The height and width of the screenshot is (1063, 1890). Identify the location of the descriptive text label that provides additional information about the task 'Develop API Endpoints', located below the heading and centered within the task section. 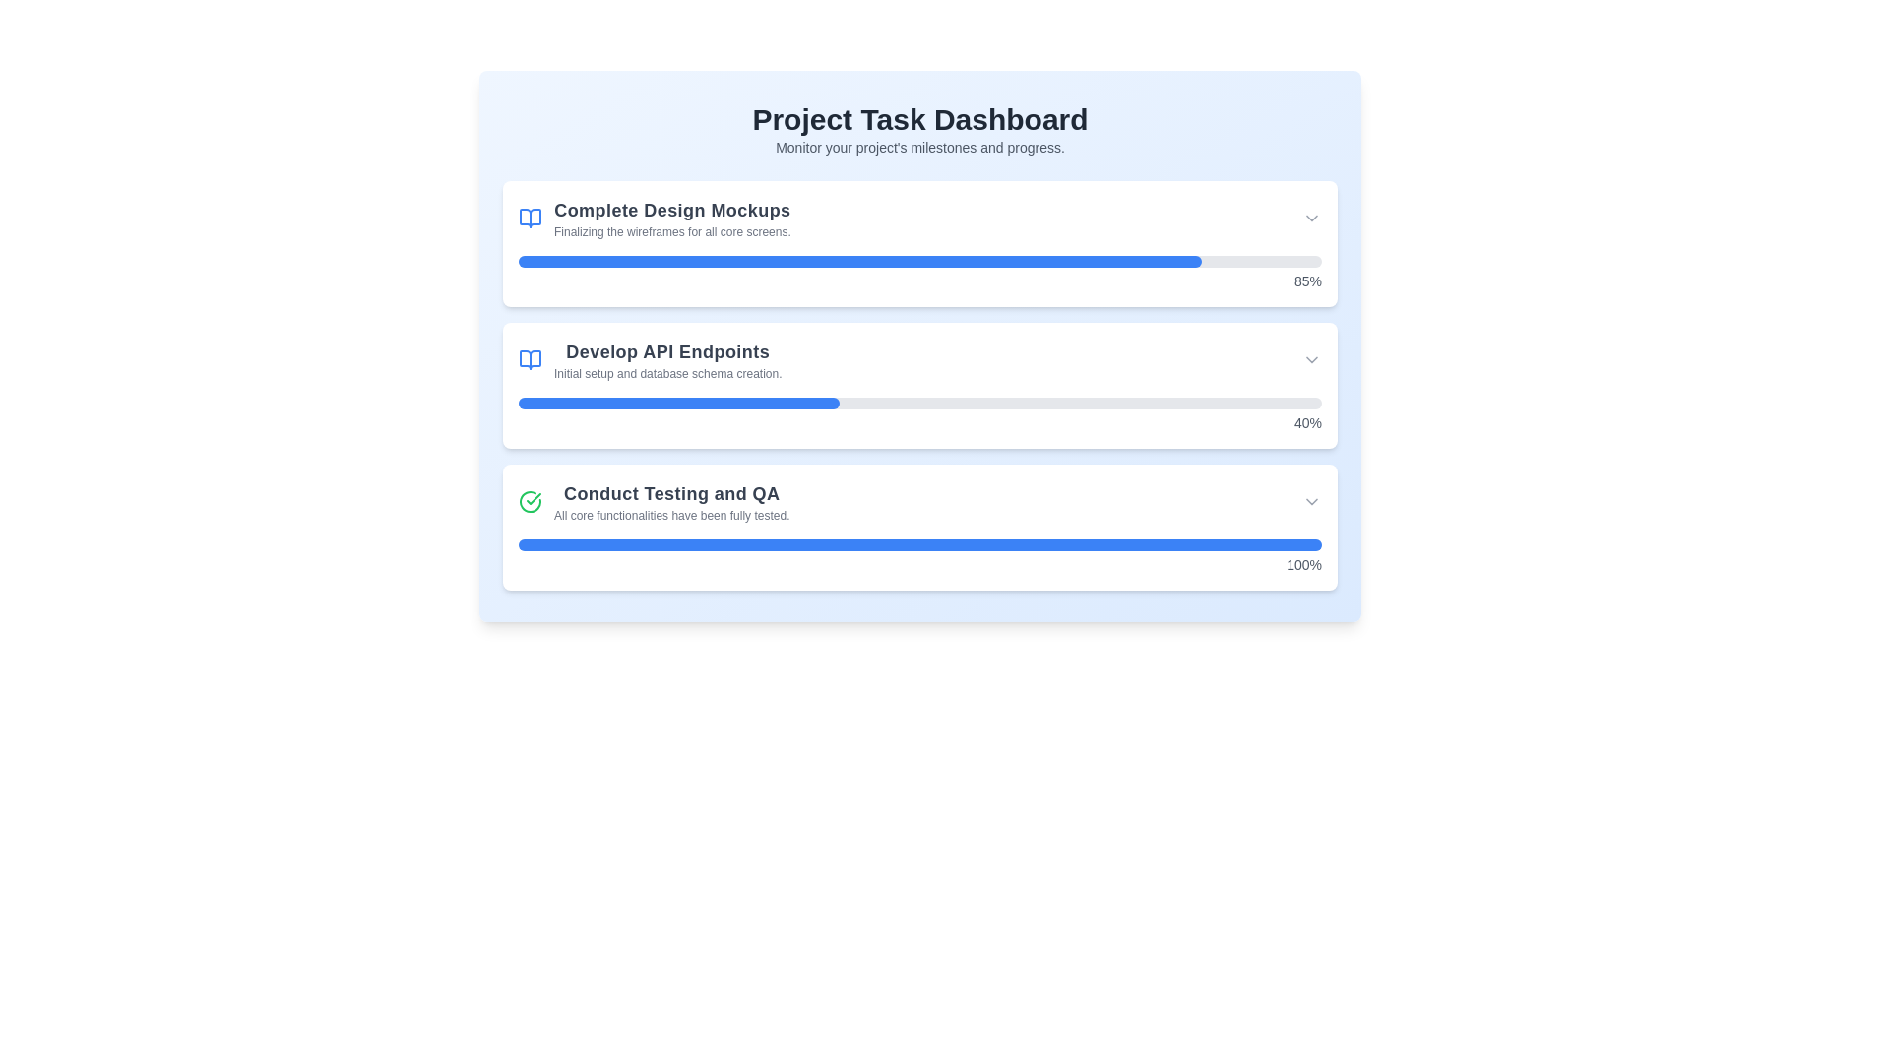
(667, 374).